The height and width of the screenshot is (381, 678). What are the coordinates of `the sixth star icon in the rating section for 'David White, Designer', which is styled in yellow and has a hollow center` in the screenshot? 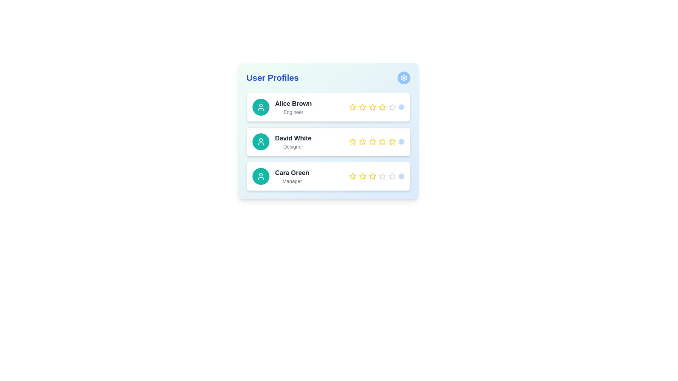 It's located at (392, 141).